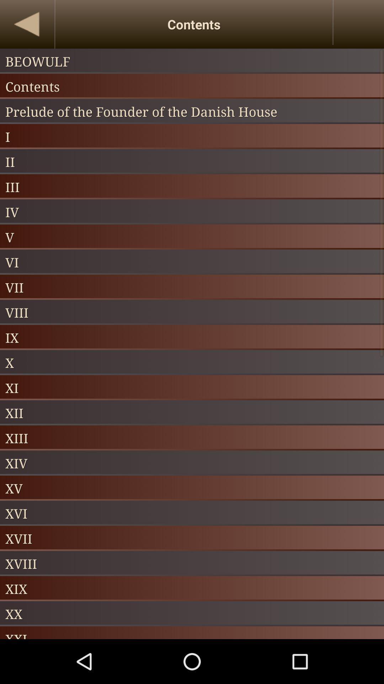  Describe the element at coordinates (192, 613) in the screenshot. I see `the item above xxi icon` at that location.